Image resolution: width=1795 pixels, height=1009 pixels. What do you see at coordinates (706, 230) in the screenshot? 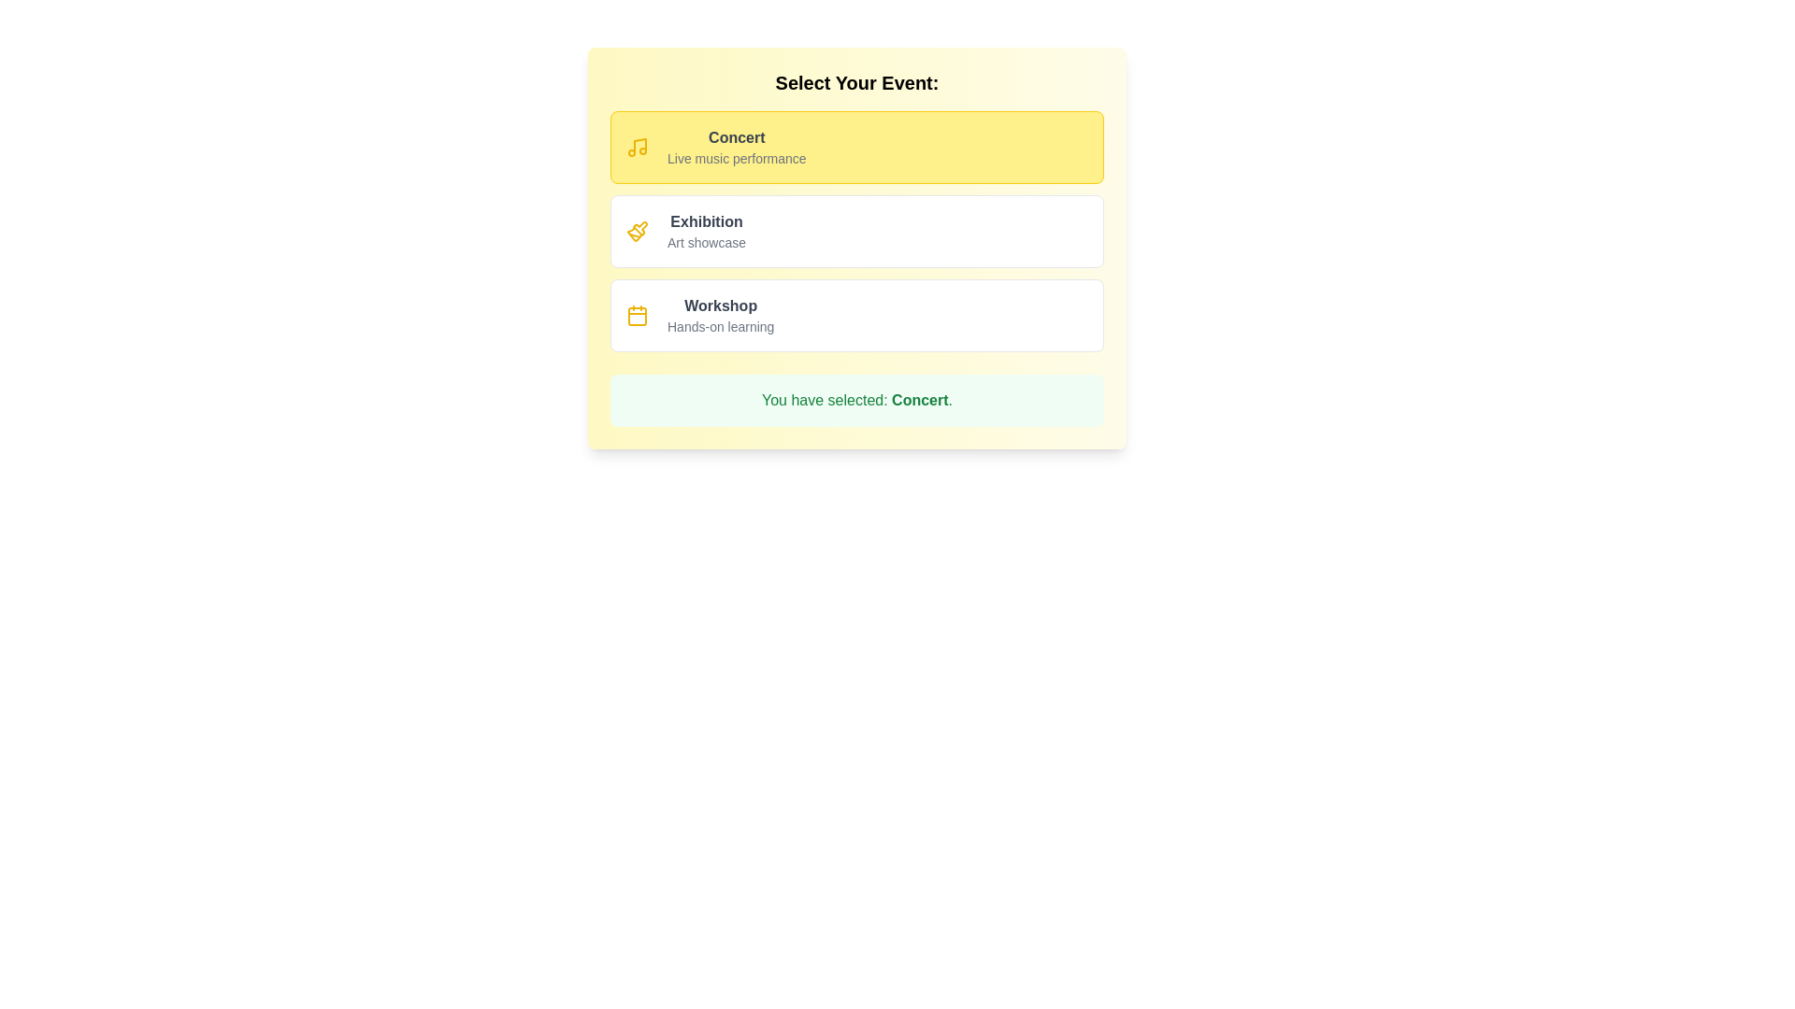
I see `the text group containing 'Exhibition' and 'Art showcase'` at bounding box center [706, 230].